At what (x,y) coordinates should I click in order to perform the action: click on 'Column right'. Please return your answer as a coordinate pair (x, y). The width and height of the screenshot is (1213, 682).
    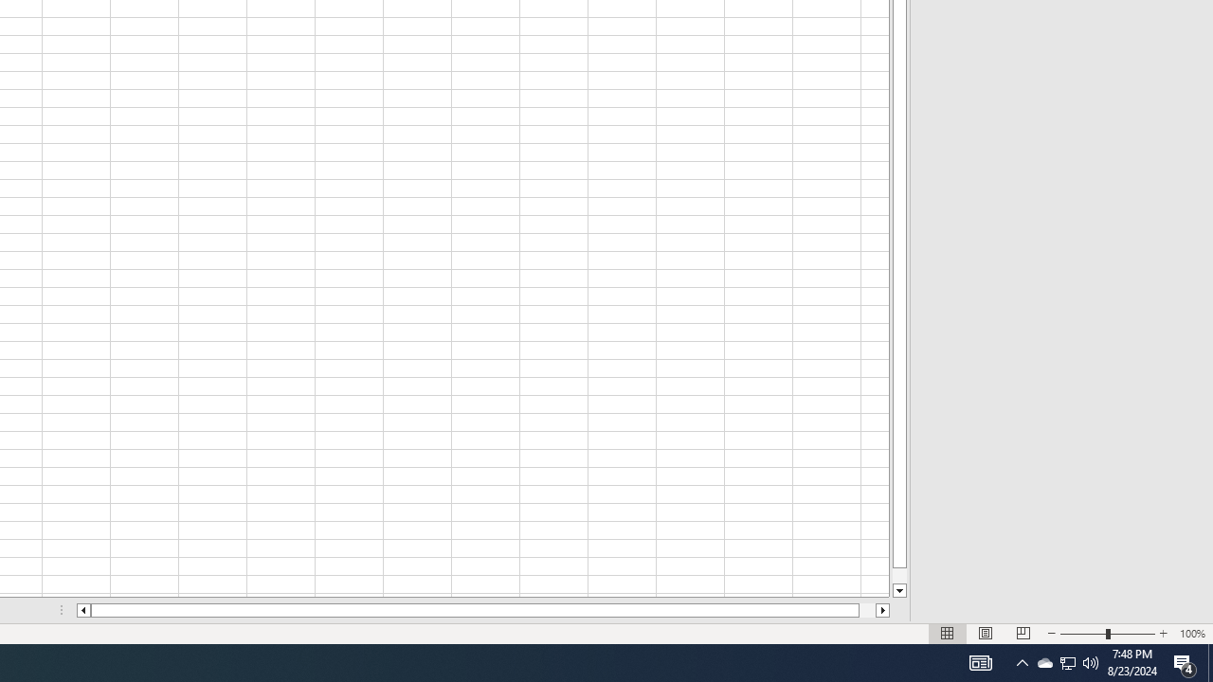
    Looking at the image, I should click on (882, 610).